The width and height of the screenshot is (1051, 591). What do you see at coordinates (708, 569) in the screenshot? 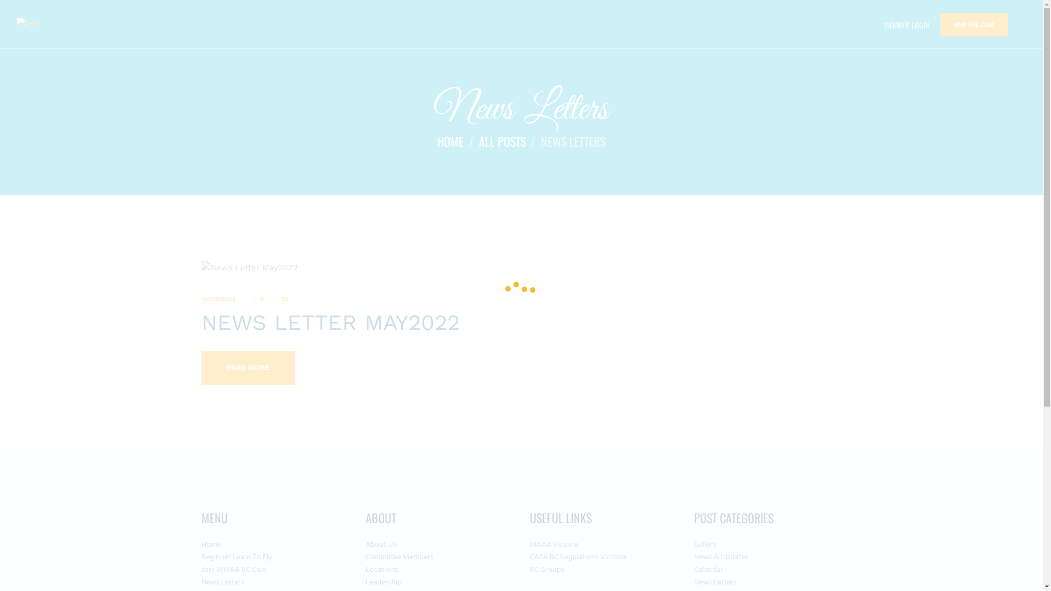
I see `'Calendar'` at bounding box center [708, 569].